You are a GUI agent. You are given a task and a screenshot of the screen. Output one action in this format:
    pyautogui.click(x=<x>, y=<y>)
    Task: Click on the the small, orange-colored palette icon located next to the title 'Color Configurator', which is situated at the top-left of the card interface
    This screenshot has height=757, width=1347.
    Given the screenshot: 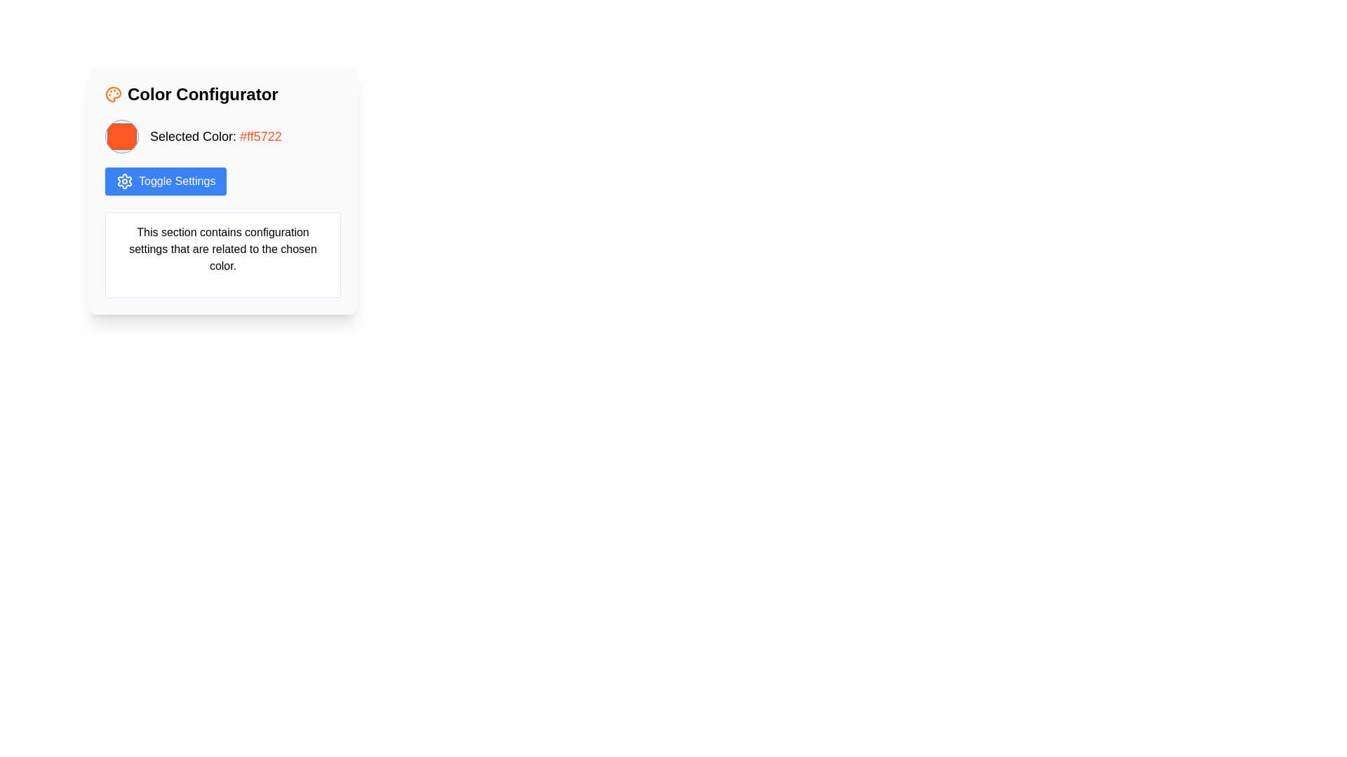 What is the action you would take?
    pyautogui.click(x=114, y=95)
    